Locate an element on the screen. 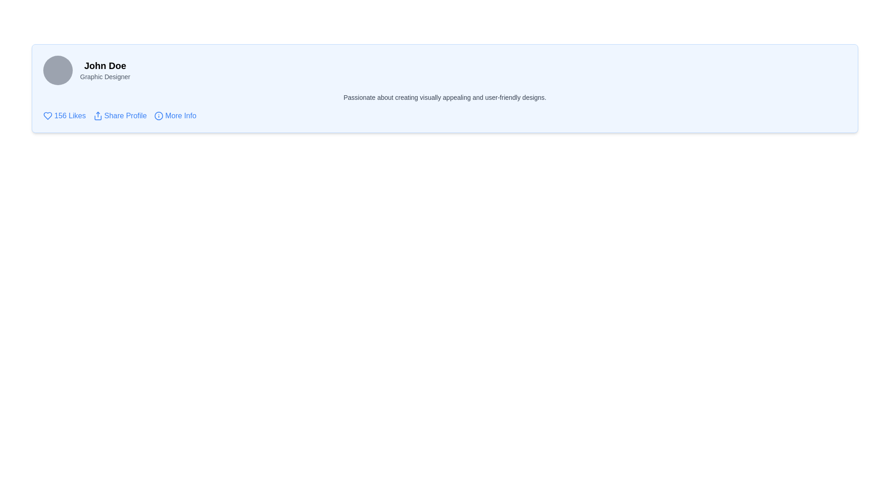  the static text label that describes the individual's profession as 'Graphic Designer', located directly below the name 'John Doe' in the user profile section is located at coordinates (105, 76).